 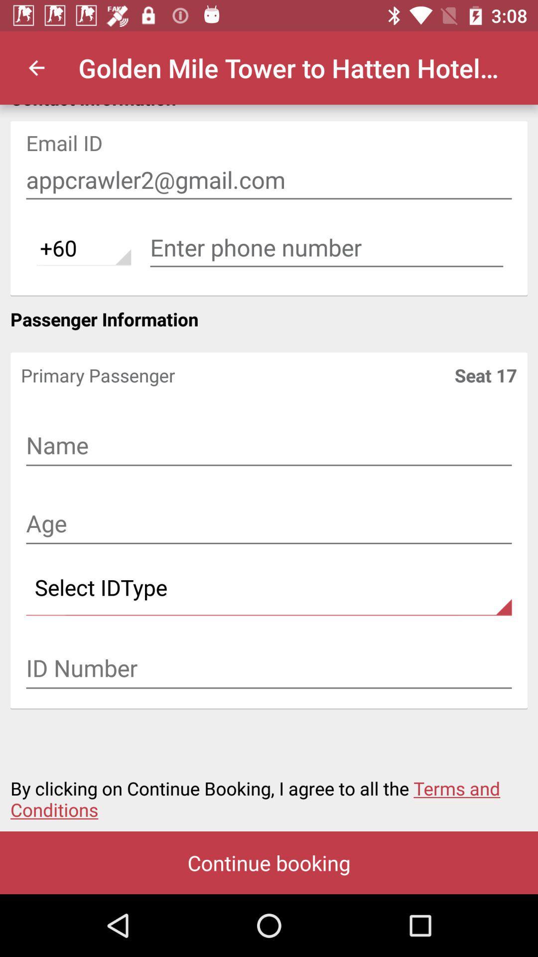 I want to click on item above select idtype icon, so click(x=269, y=524).